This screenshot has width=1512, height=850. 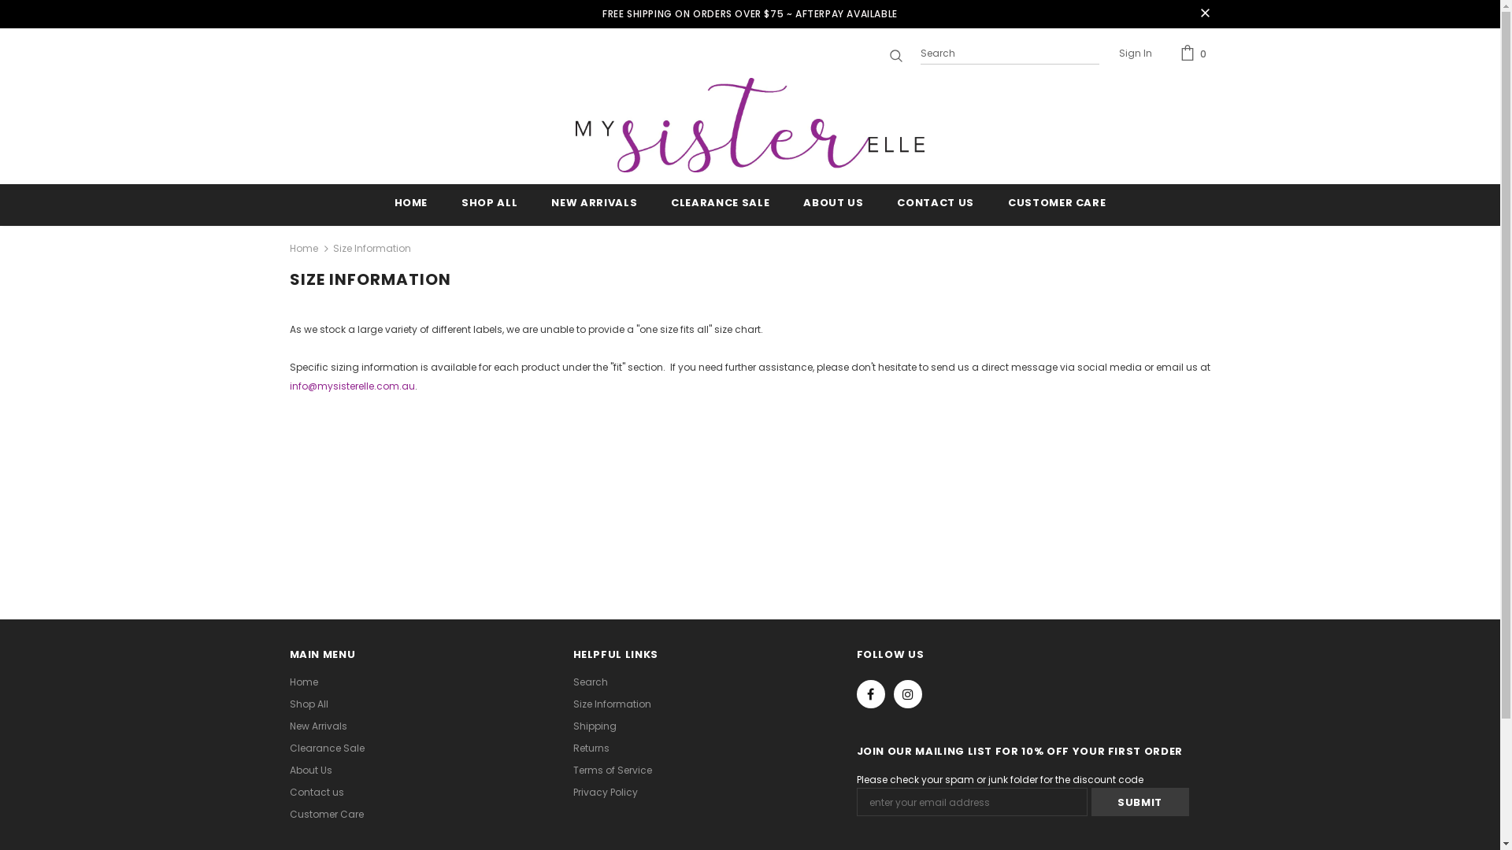 I want to click on 'close', so click(x=1204, y=14).